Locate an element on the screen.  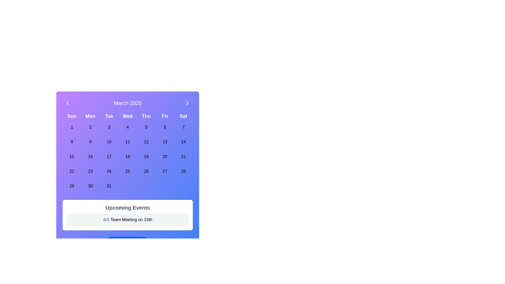
the circular button labeled '12' is located at coordinates (146, 142).